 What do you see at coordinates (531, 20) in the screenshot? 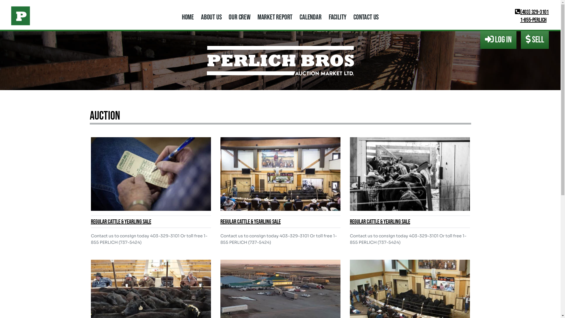
I see `'1-855-PERLICH'` at bounding box center [531, 20].